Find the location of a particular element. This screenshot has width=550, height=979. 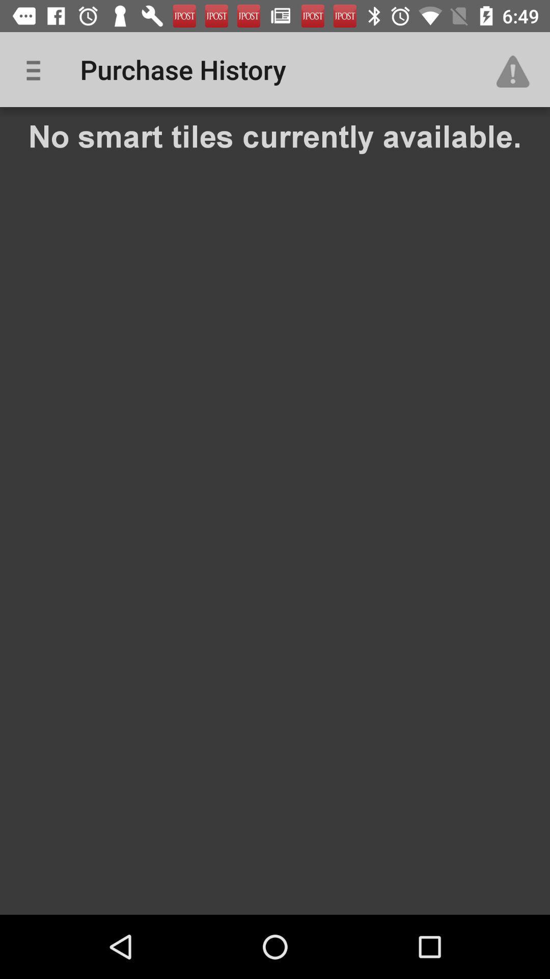

app next to the purchase history app is located at coordinates (518, 69).